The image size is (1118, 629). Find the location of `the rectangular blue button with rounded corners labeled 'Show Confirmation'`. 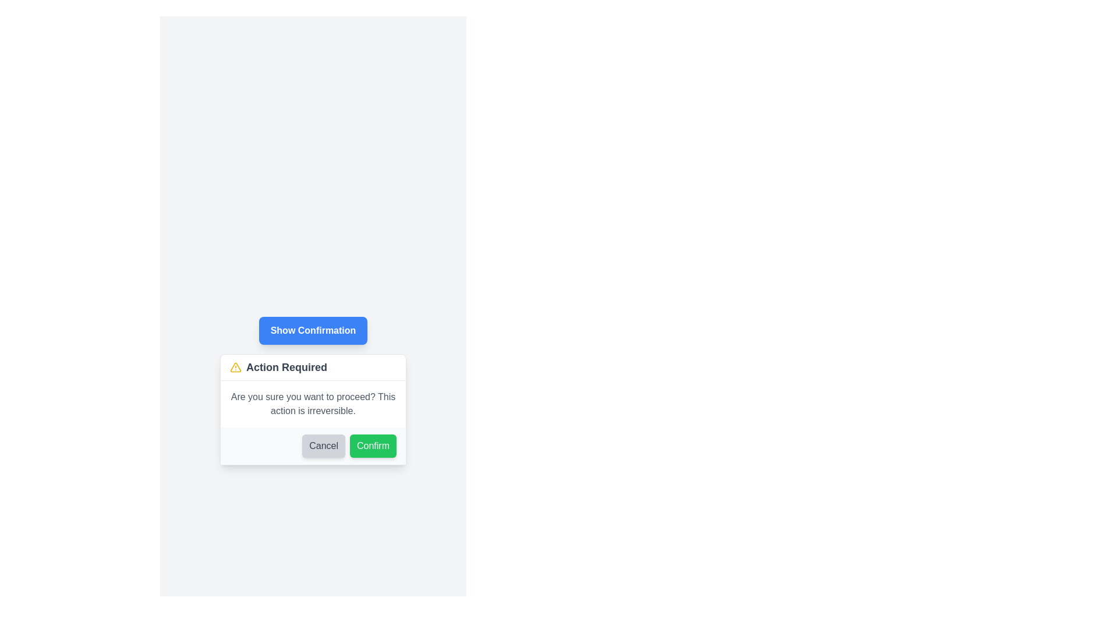

the rectangular blue button with rounded corners labeled 'Show Confirmation' is located at coordinates (313, 330).